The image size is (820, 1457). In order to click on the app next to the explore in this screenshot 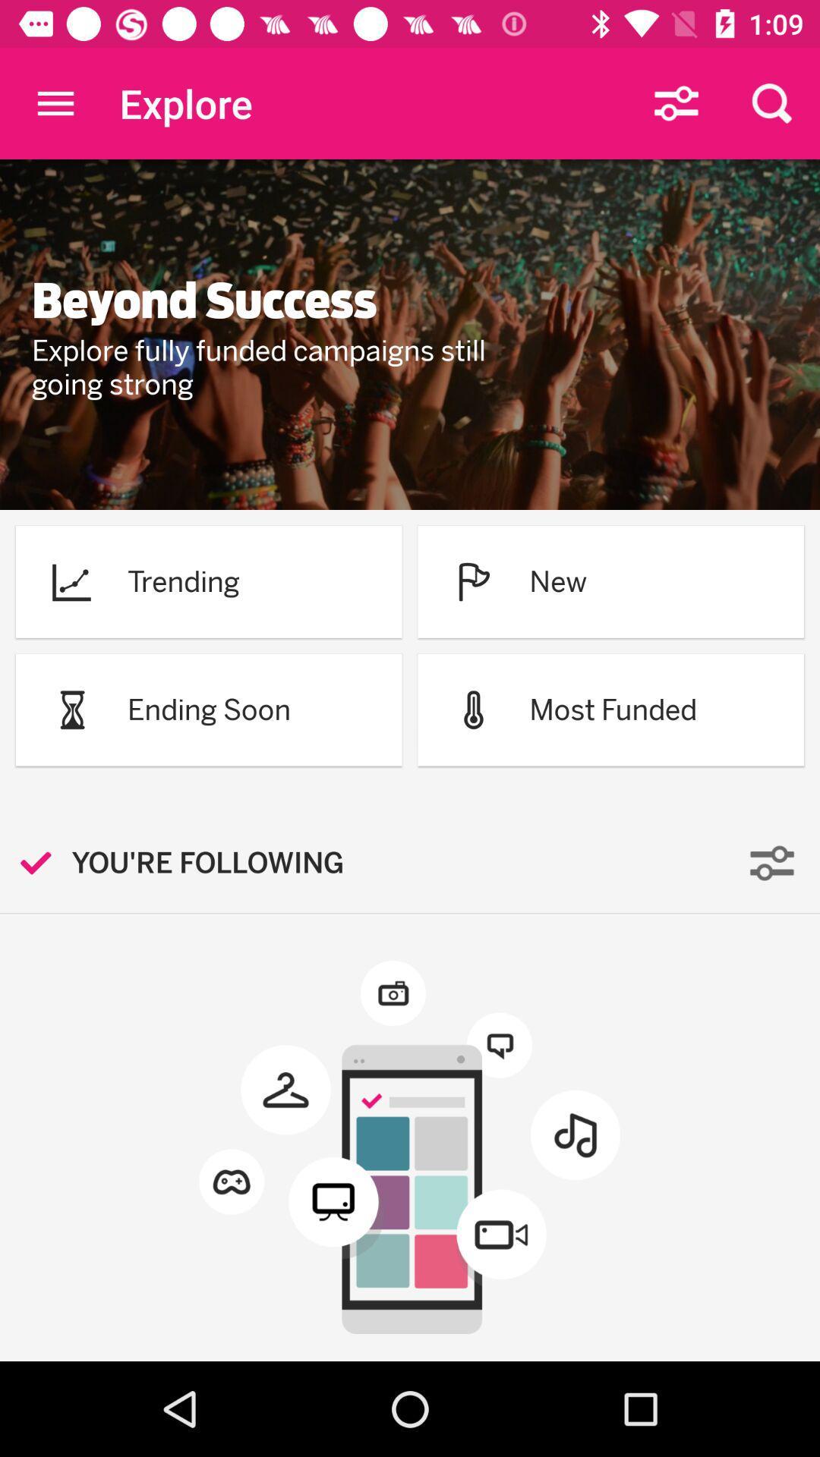, I will do `click(55, 102)`.